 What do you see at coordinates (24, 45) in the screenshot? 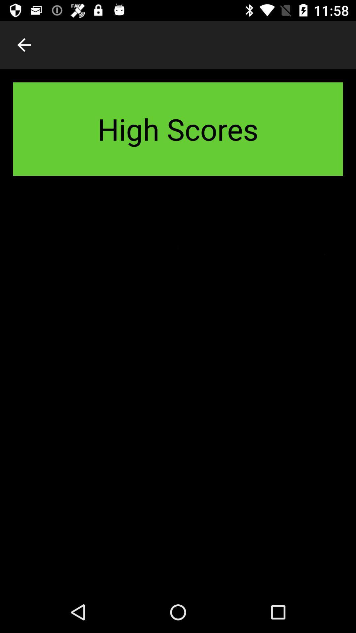
I see `item above the high scores icon` at bounding box center [24, 45].